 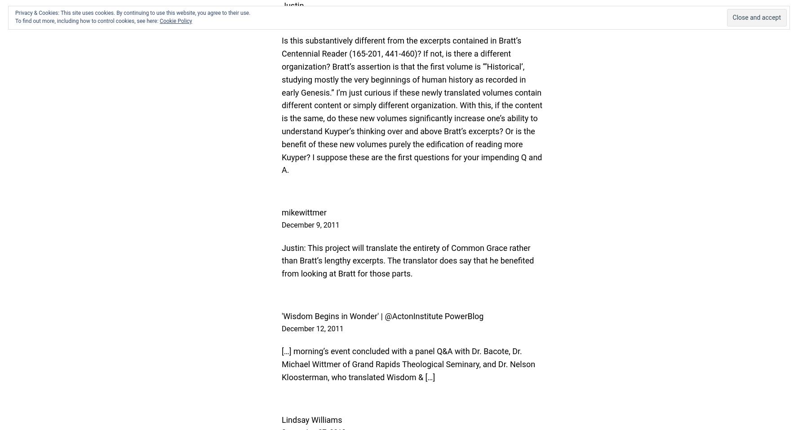 What do you see at coordinates (14, 21) in the screenshot?
I see `'To find out more, including how to control cookies, see here:'` at bounding box center [14, 21].